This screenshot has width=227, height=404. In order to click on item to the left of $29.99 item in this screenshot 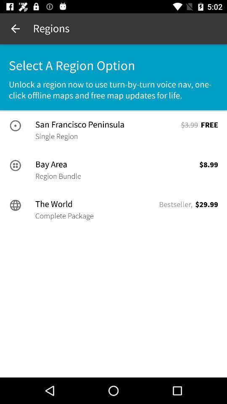, I will do `click(175, 204)`.